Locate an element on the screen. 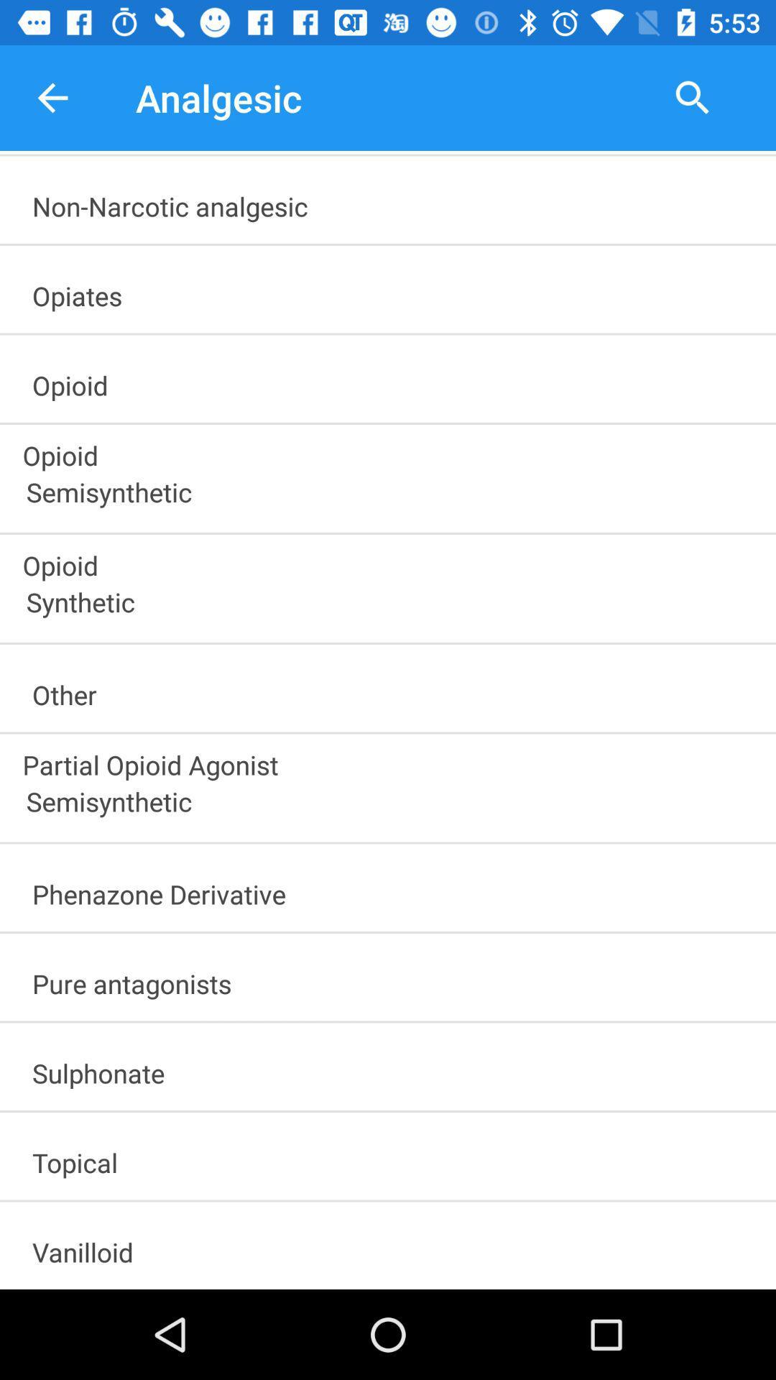  item above the semisynthetic is located at coordinates (389, 760).